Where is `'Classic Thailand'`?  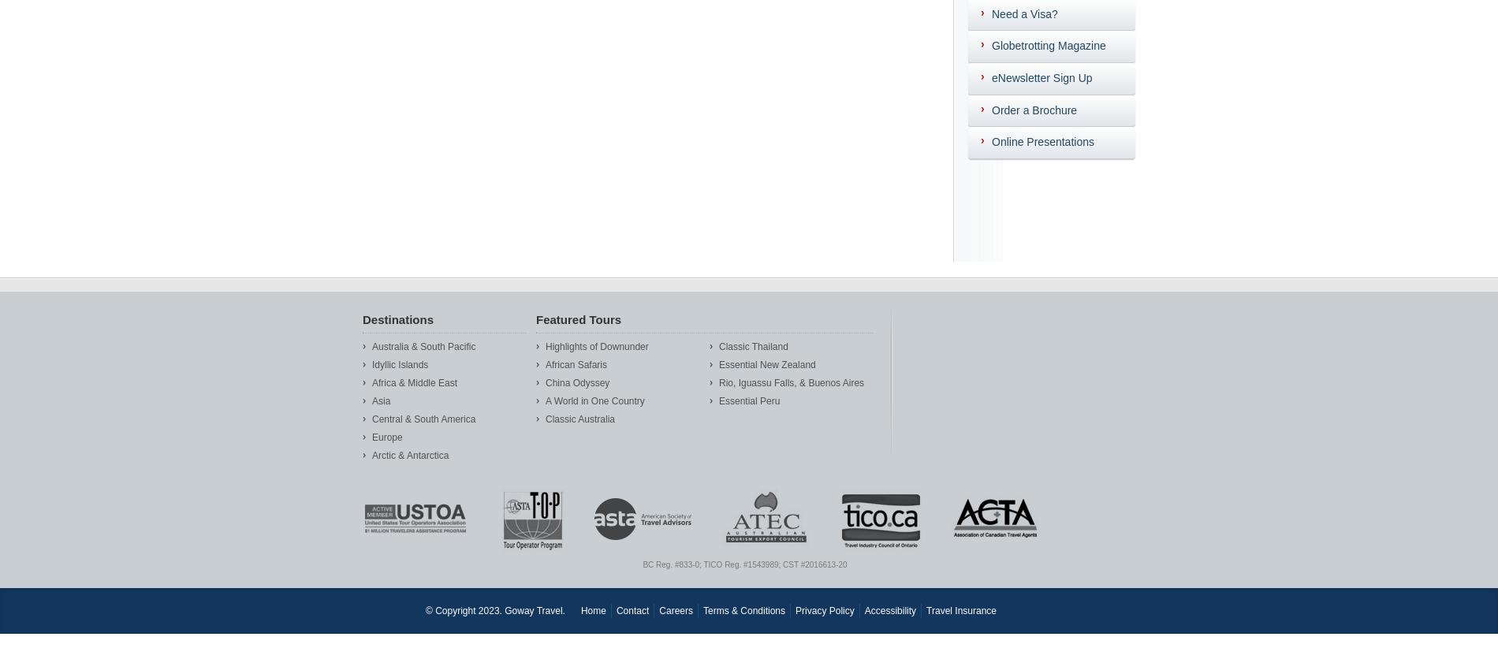
'Classic Thailand' is located at coordinates (718, 345).